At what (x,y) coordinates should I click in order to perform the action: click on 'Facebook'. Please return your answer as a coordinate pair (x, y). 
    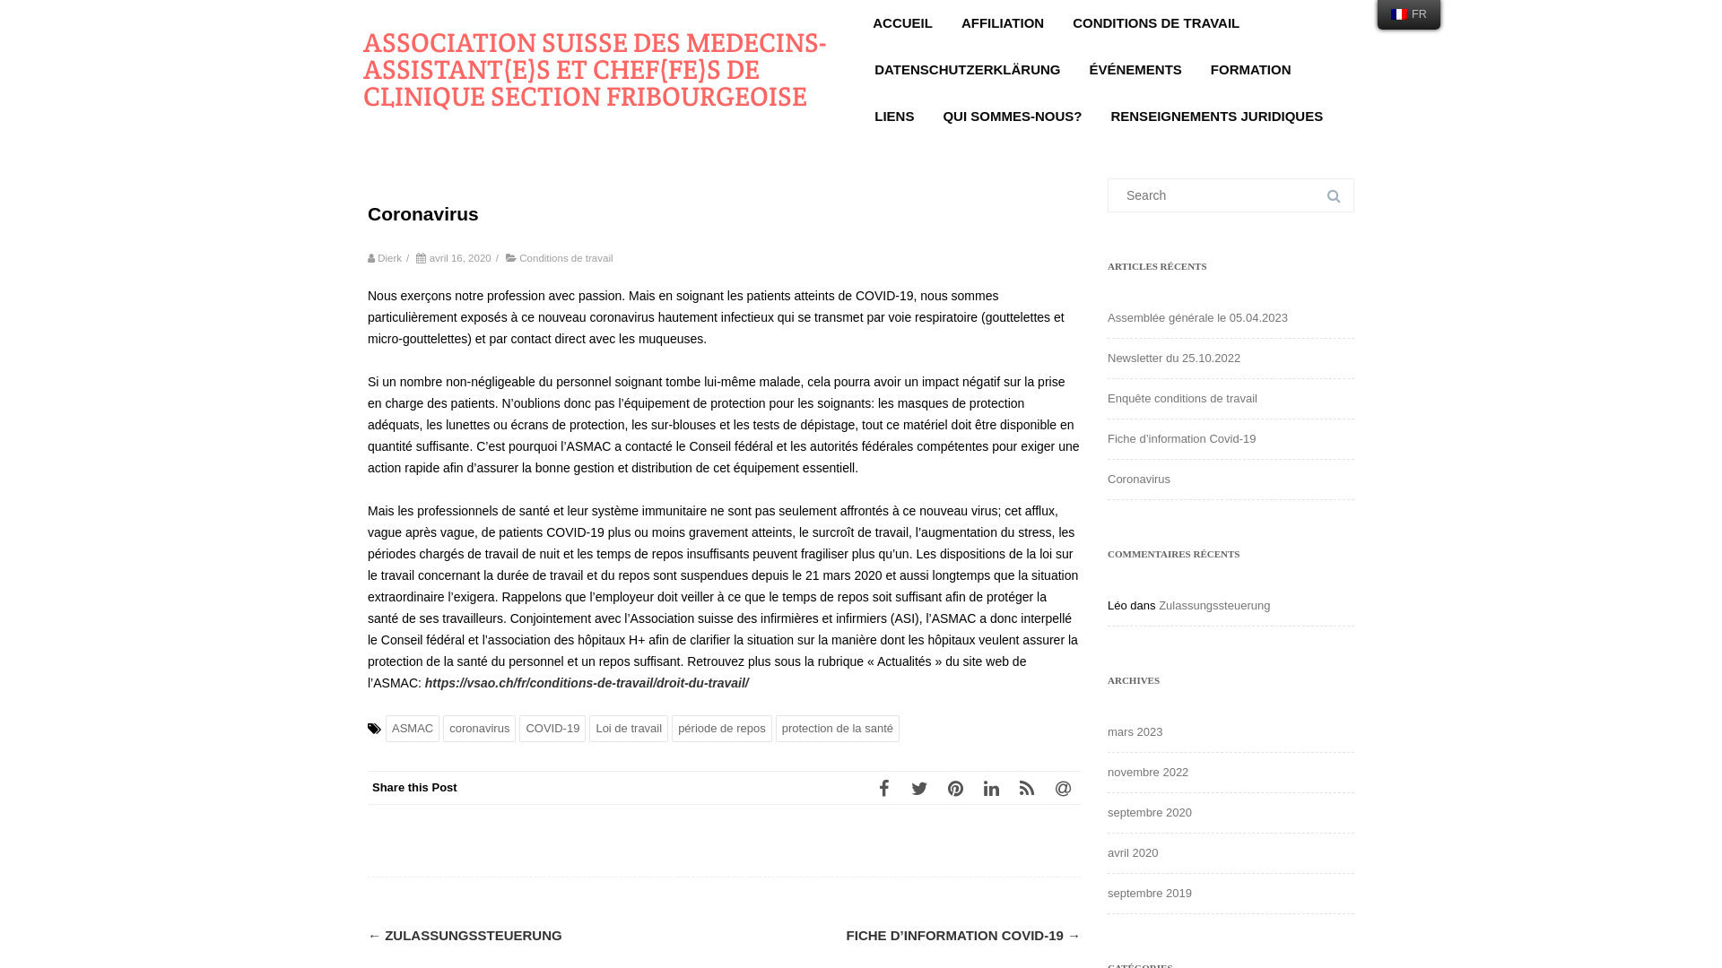
    Looking at the image, I should click on (883, 787).